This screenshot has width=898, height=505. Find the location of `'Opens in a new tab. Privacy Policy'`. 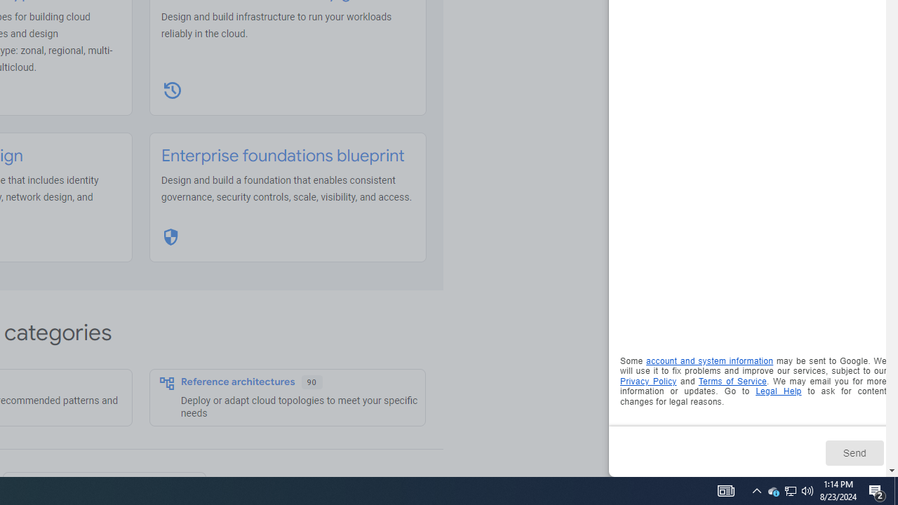

'Opens in a new tab. Privacy Policy' is located at coordinates (648, 381).